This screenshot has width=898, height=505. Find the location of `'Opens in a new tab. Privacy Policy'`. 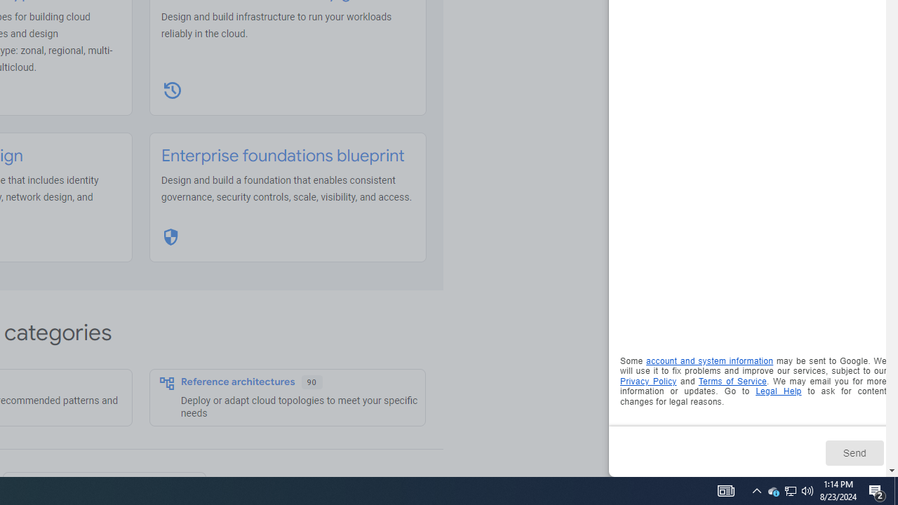

'Opens in a new tab. Privacy Policy' is located at coordinates (648, 381).